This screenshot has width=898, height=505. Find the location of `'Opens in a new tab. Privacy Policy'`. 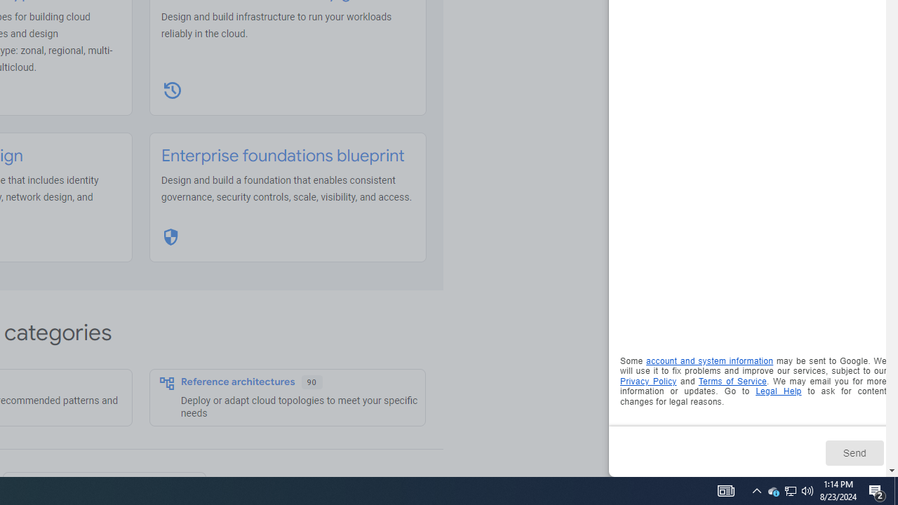

'Opens in a new tab. Privacy Policy' is located at coordinates (648, 381).